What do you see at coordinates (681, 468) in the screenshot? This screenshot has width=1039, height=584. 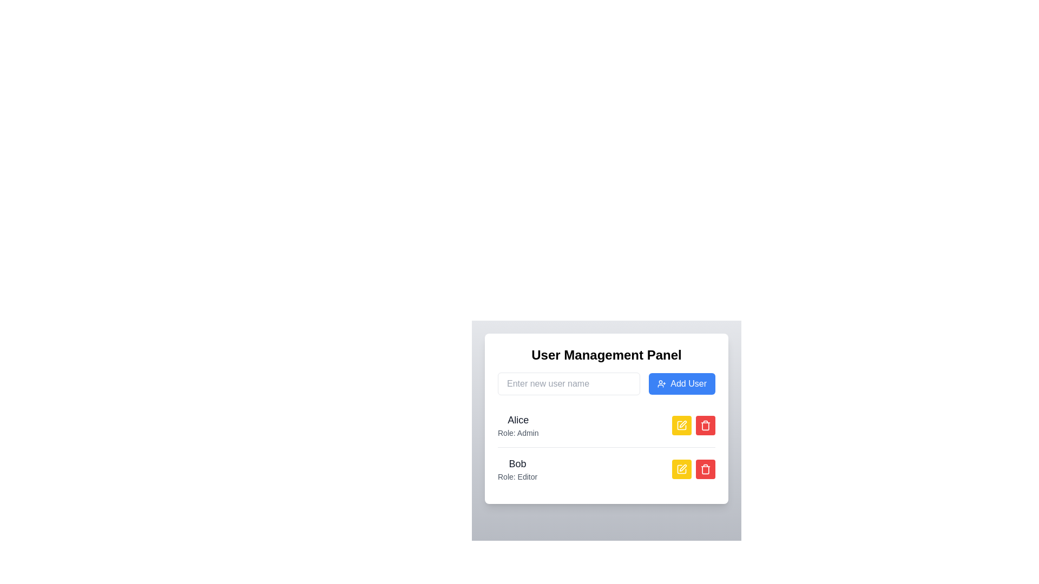 I see `the button labeled for editing user 'Bob' in the User Management Panel to initiate the edit functionality` at bounding box center [681, 468].